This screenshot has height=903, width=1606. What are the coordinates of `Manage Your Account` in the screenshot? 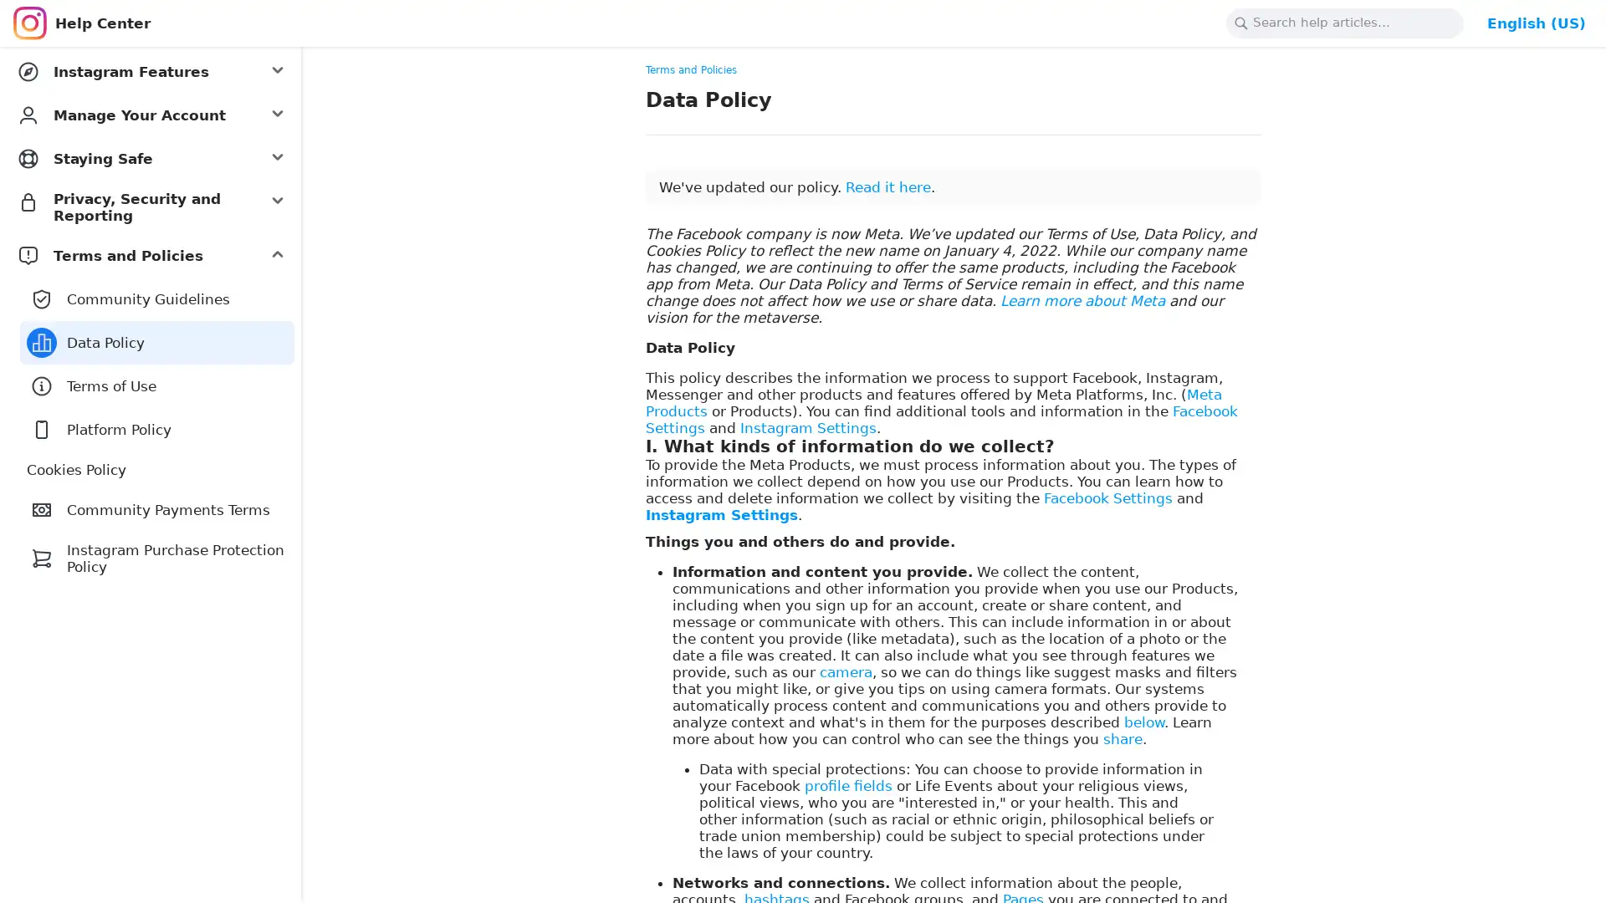 It's located at (151, 115).